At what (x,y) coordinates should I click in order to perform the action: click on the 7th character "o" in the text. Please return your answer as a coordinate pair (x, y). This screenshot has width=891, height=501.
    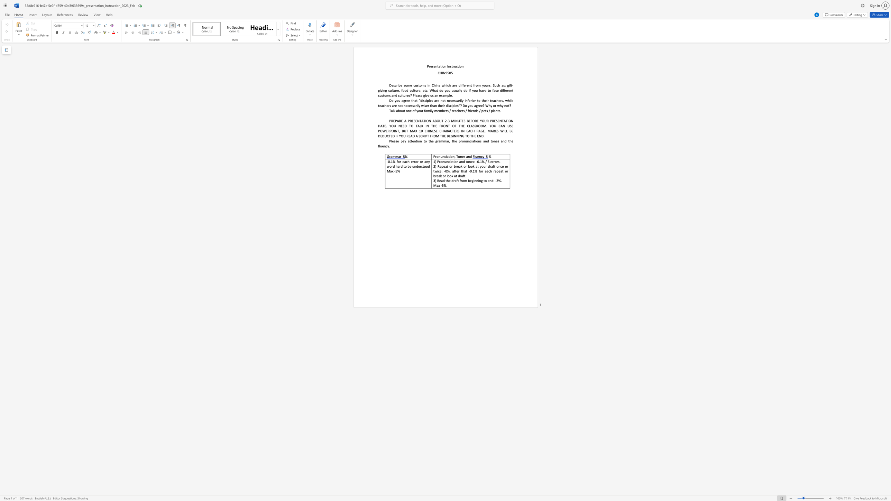
    Looking at the image, I should click on (427, 166).